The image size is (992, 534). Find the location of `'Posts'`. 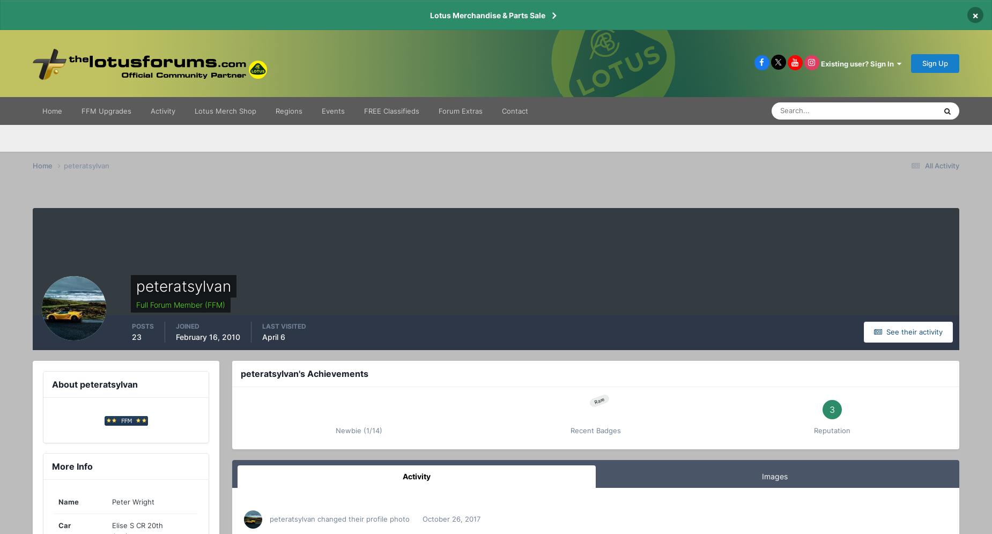

'Posts' is located at coordinates (142, 326).